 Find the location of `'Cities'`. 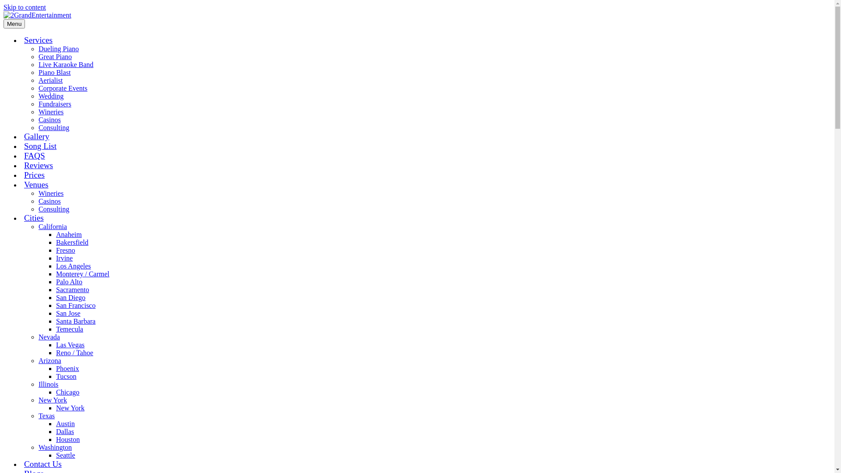

'Cities' is located at coordinates (34, 217).